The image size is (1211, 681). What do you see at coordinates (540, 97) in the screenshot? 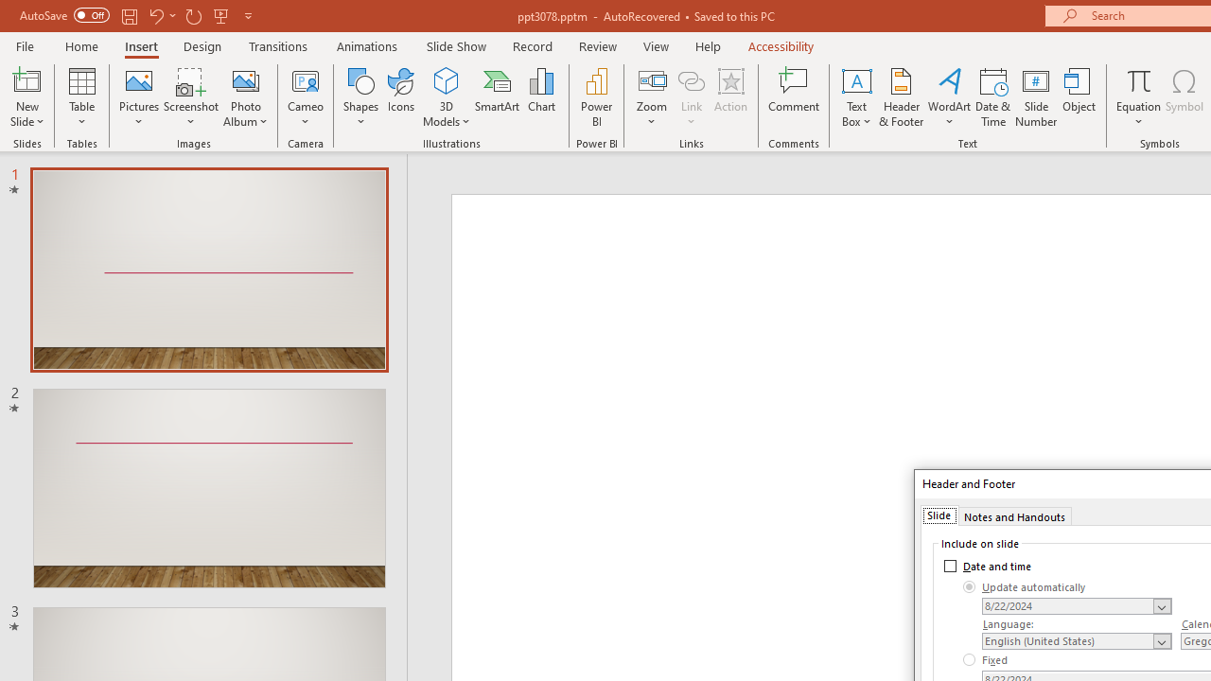
I see `'Chart...'` at bounding box center [540, 97].